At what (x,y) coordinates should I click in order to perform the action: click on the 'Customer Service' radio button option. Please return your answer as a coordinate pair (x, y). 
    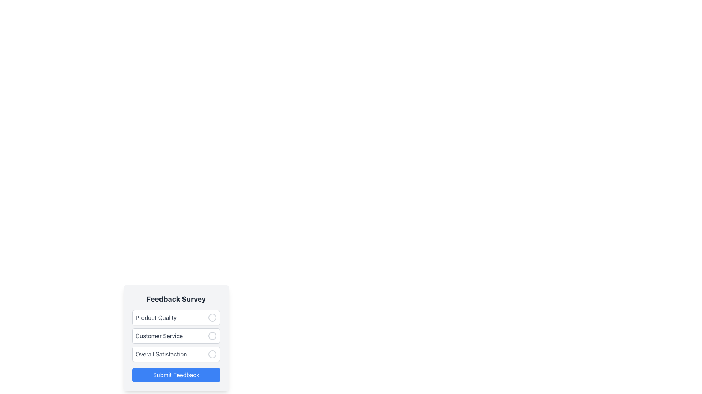
    Looking at the image, I should click on (176, 336).